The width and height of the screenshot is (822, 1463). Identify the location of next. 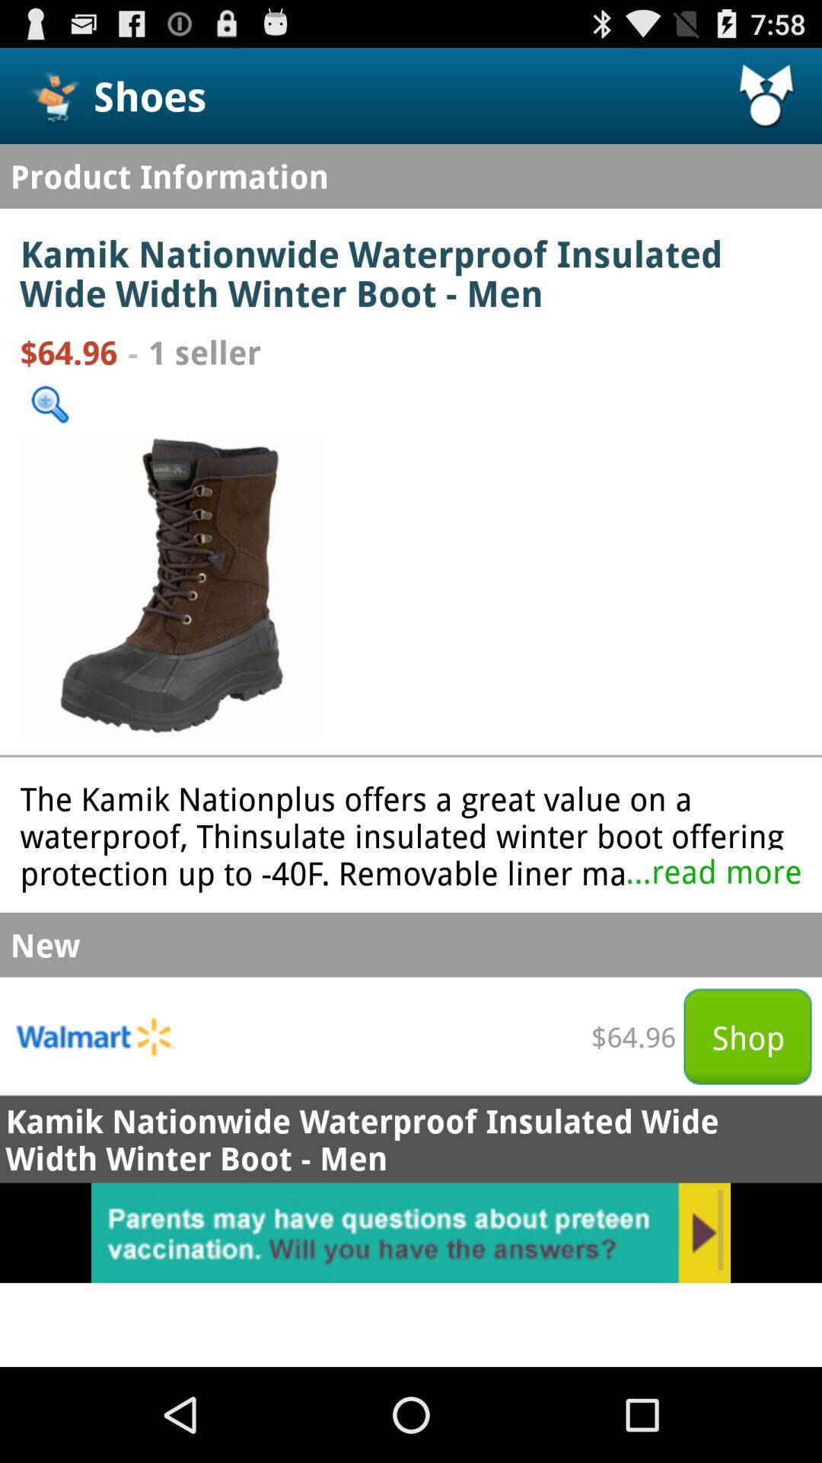
(411, 1233).